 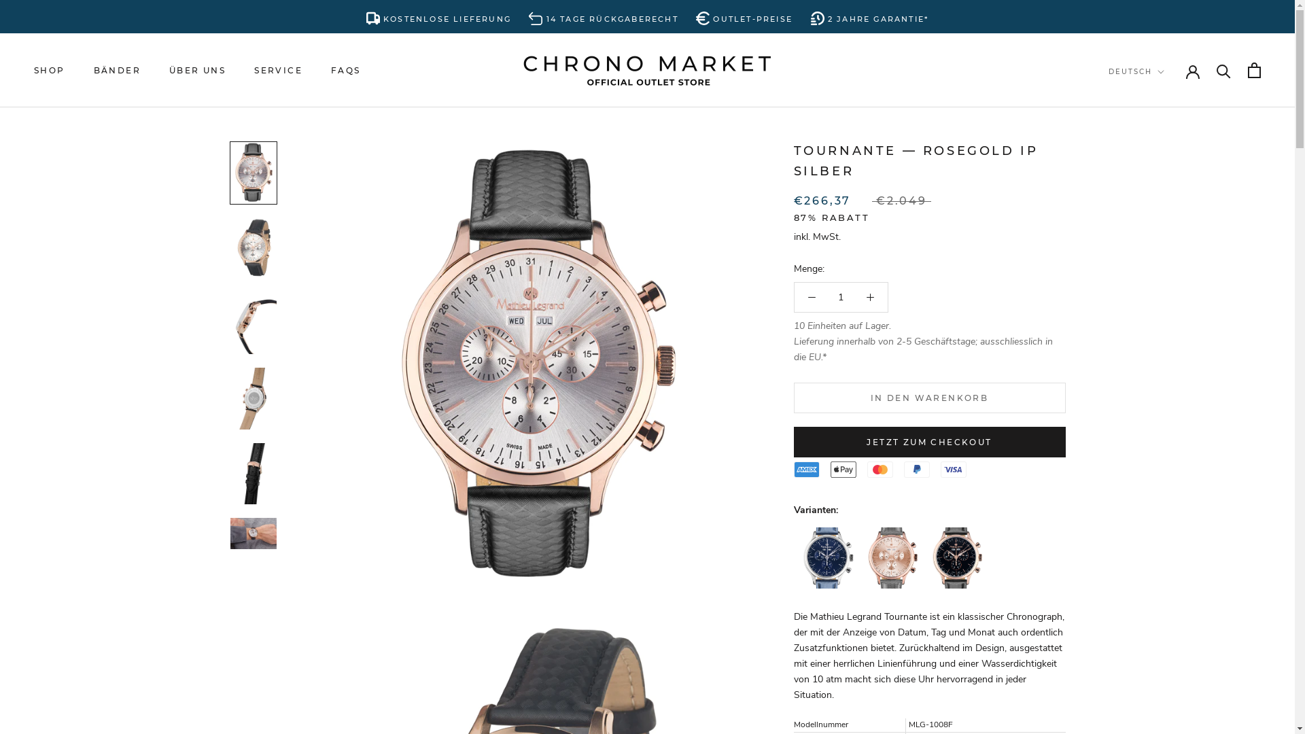 I want to click on '2 JAHRE GARANTIE*', so click(x=811, y=16).